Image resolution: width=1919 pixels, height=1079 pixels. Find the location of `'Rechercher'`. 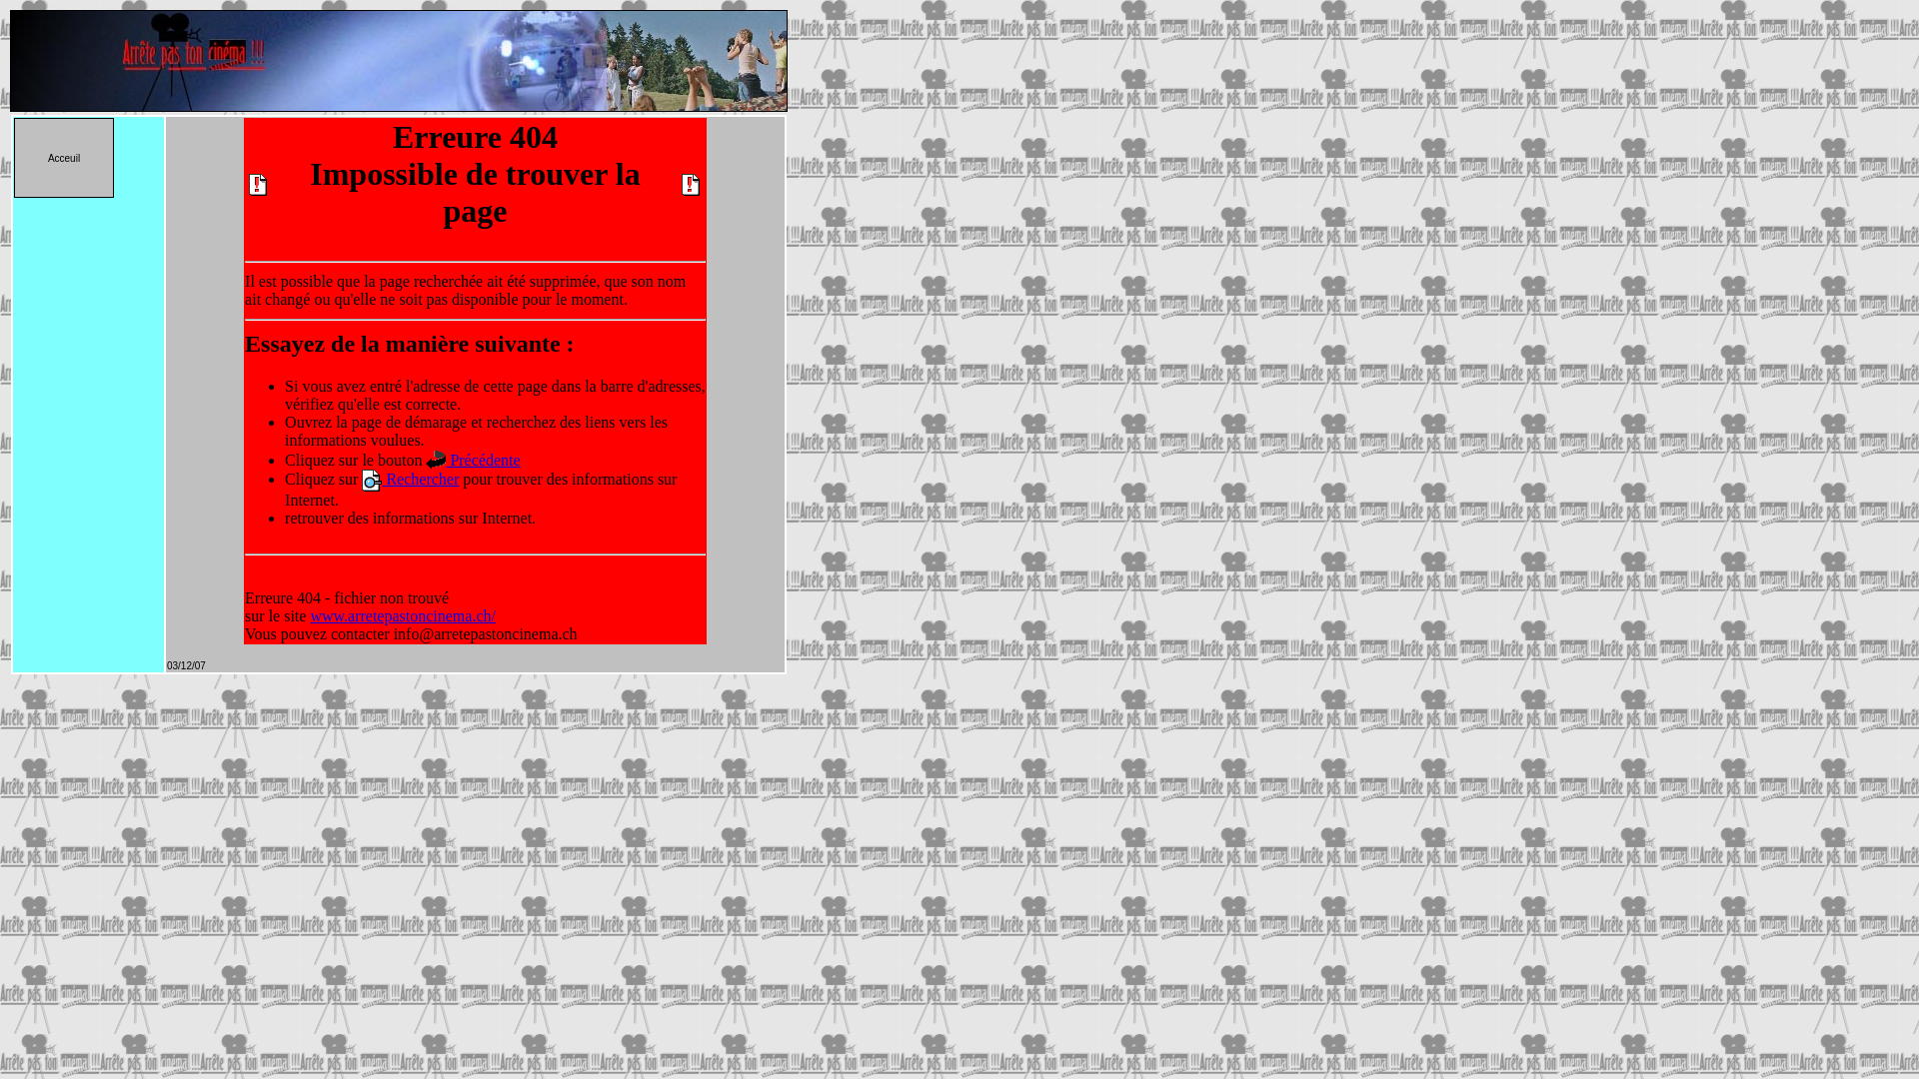

'Rechercher' is located at coordinates (419, 479).